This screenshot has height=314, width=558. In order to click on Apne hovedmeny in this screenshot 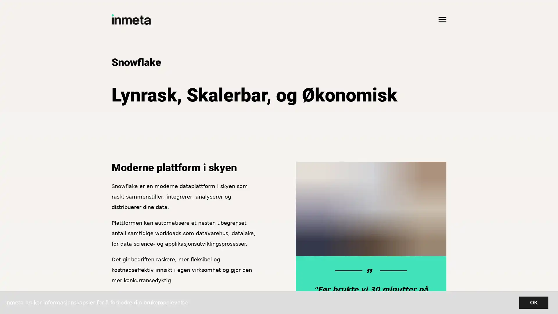, I will do `click(442, 21)`.